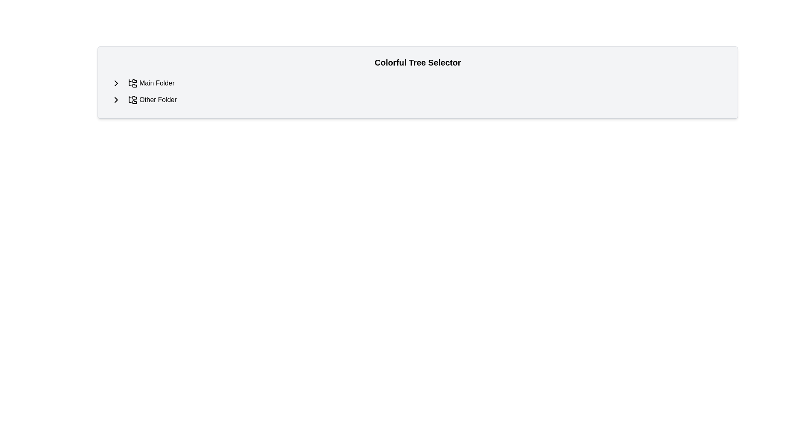  Describe the element at coordinates (151, 83) in the screenshot. I see `the first selectable folder label in the tree structure` at that location.